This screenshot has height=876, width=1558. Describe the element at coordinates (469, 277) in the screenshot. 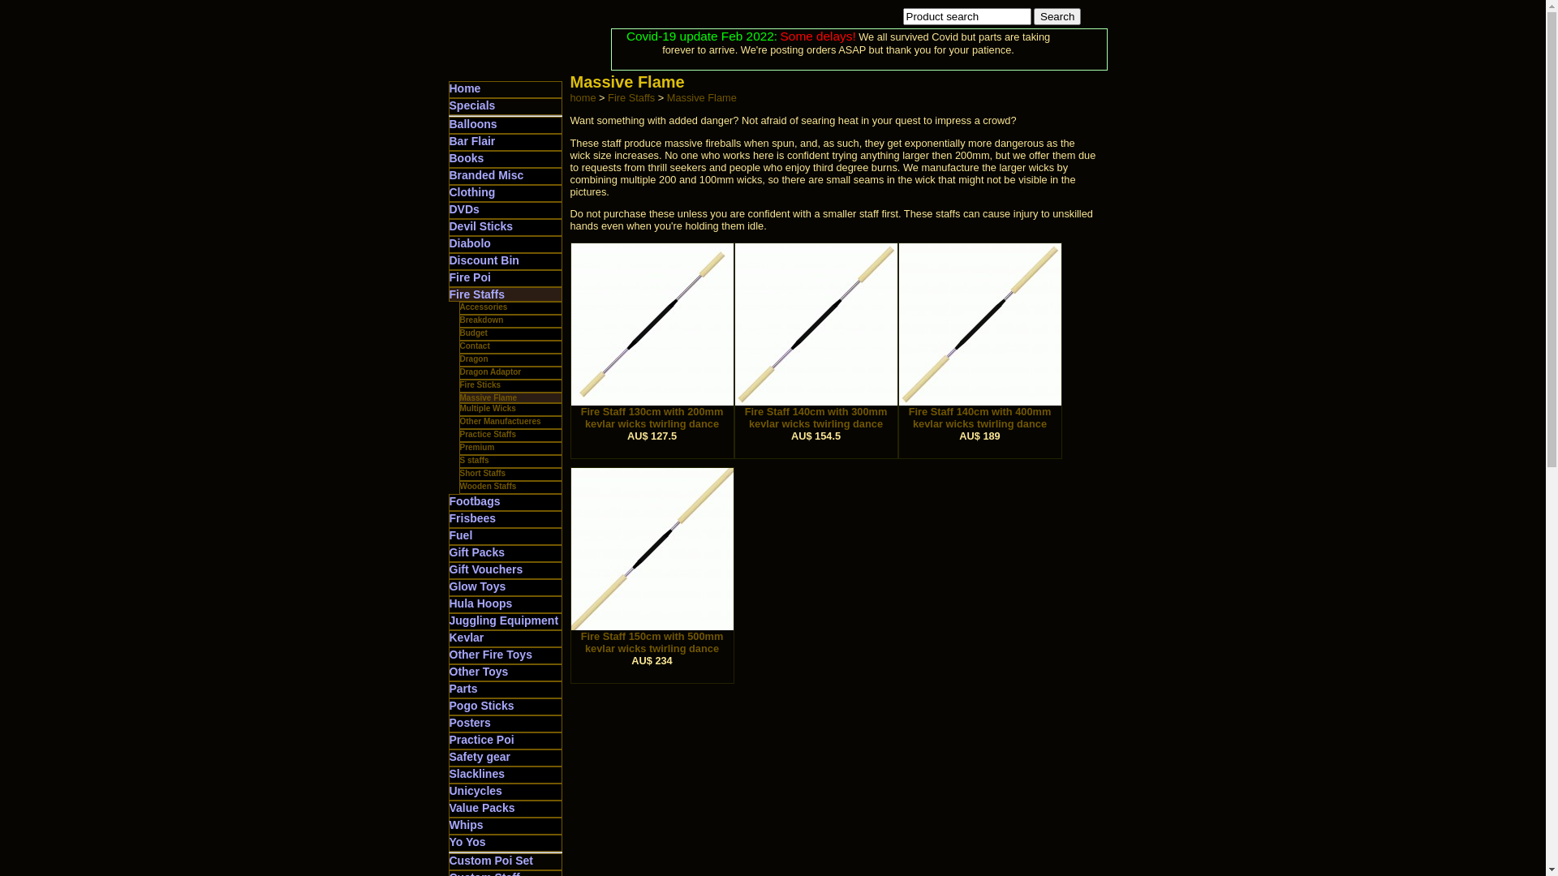

I see `'Fire Poi'` at that location.